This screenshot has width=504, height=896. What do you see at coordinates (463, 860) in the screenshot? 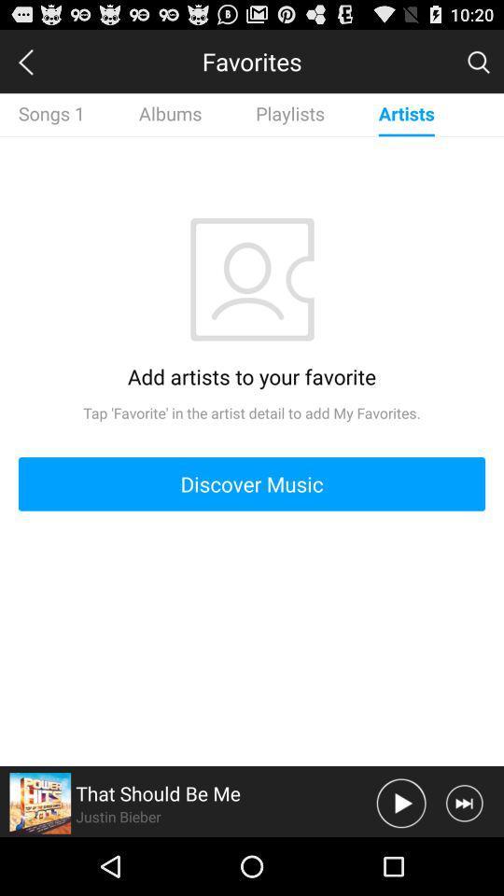
I see `the skip_next icon` at bounding box center [463, 860].